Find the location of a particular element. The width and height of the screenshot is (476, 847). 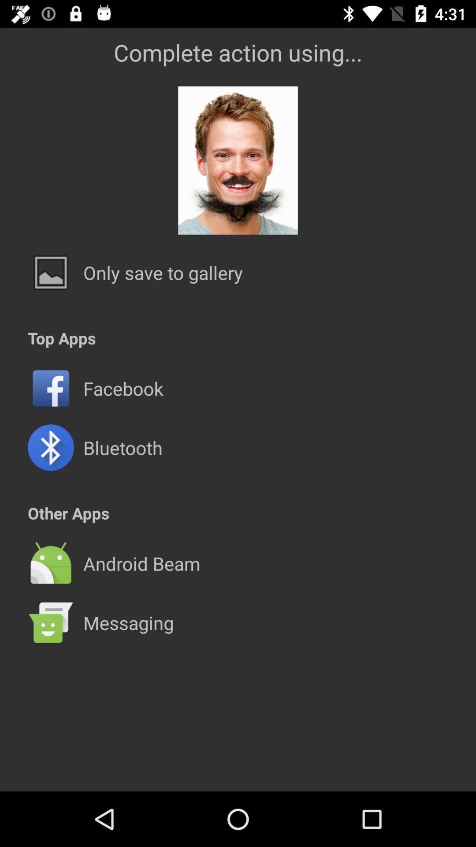

only save to item is located at coordinates (163, 272).